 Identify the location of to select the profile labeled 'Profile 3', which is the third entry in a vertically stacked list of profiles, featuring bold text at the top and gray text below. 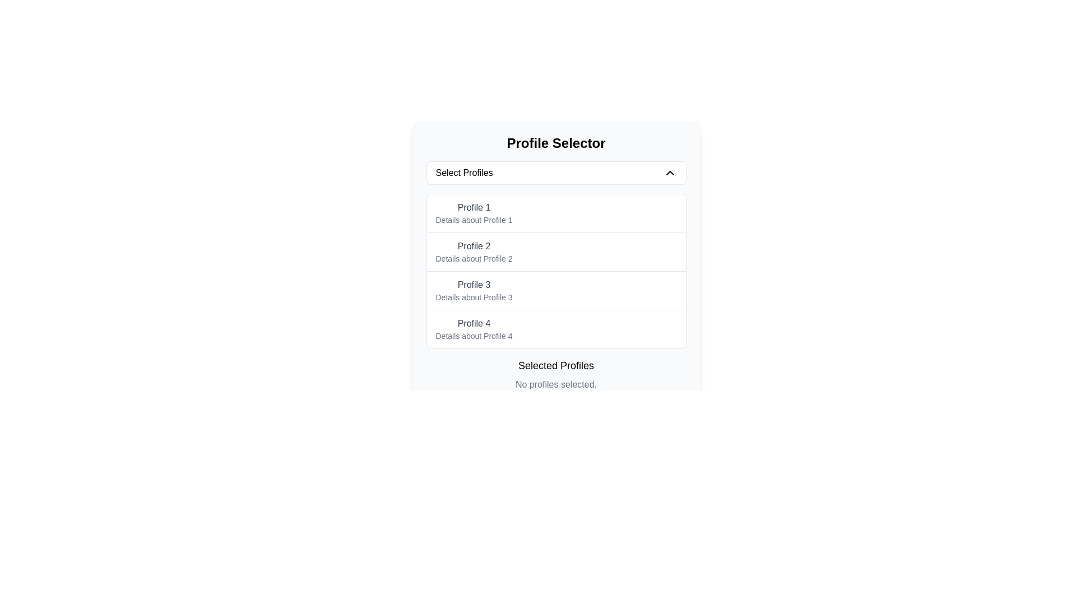
(474, 290).